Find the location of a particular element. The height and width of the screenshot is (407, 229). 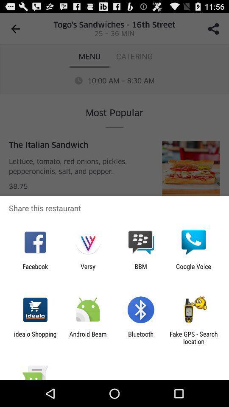

idealo shopping icon is located at coordinates (35, 337).